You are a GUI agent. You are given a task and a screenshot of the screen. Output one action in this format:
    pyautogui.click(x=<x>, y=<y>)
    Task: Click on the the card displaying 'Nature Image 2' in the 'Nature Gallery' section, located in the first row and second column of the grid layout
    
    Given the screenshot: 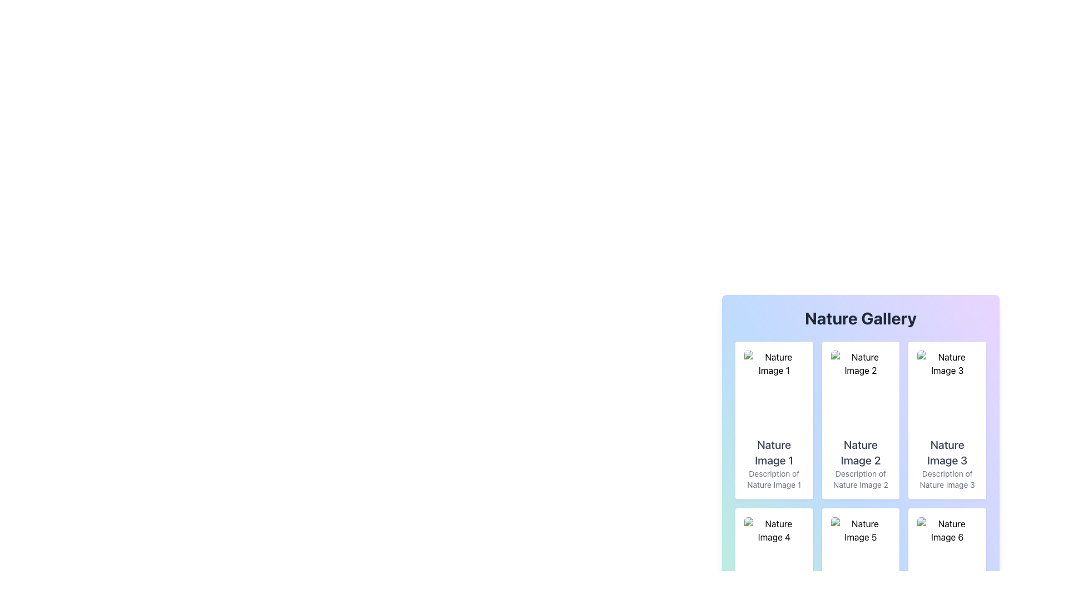 What is the action you would take?
    pyautogui.click(x=860, y=426)
    